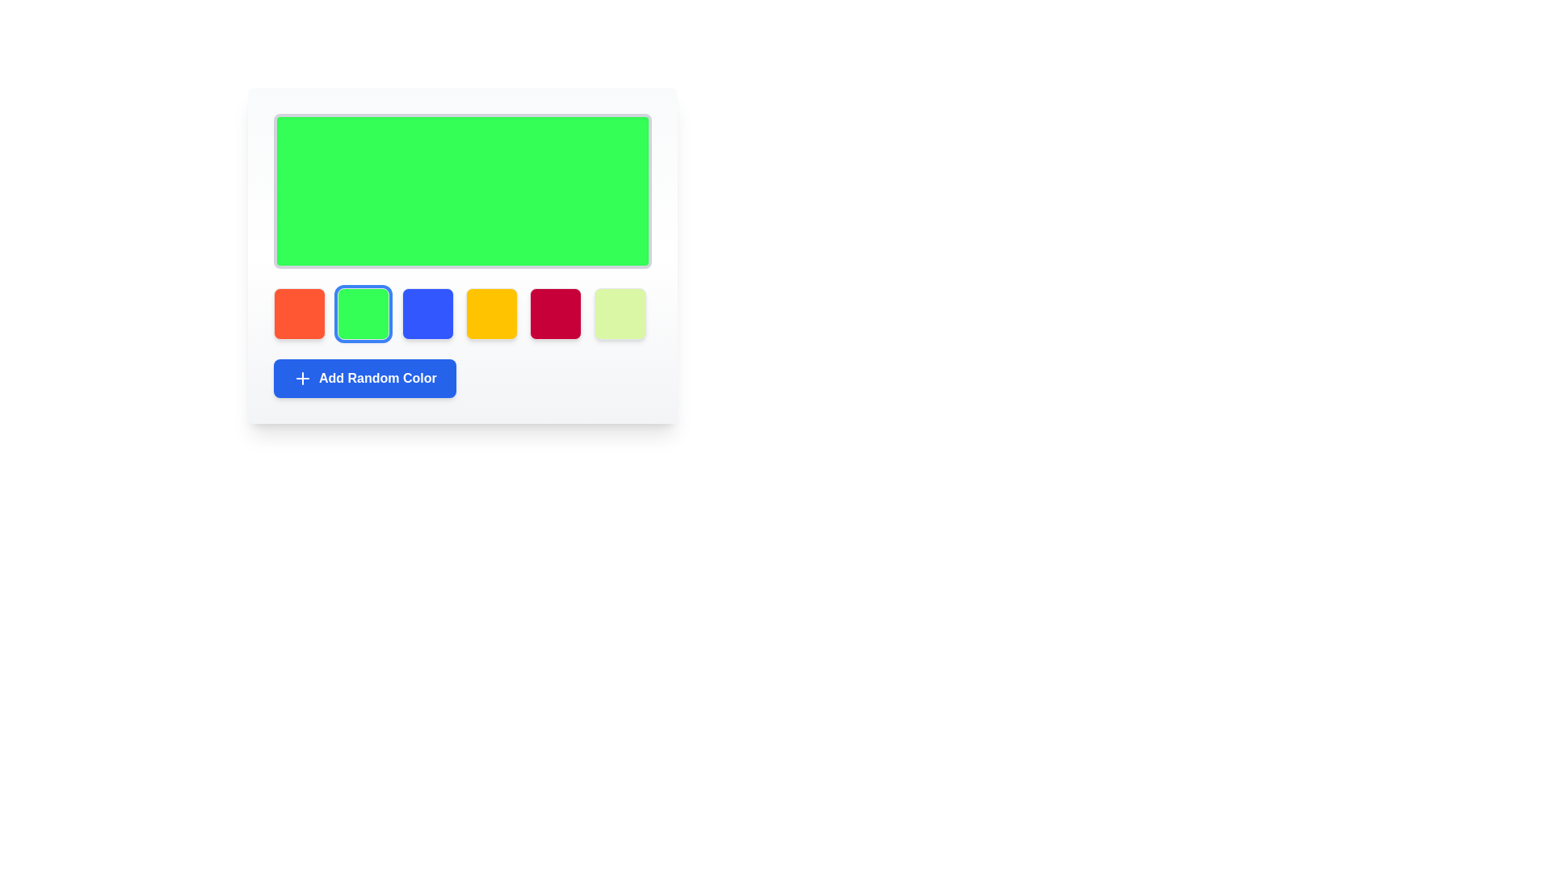  I want to click on the fifth colored square in the grid, so click(556, 314).